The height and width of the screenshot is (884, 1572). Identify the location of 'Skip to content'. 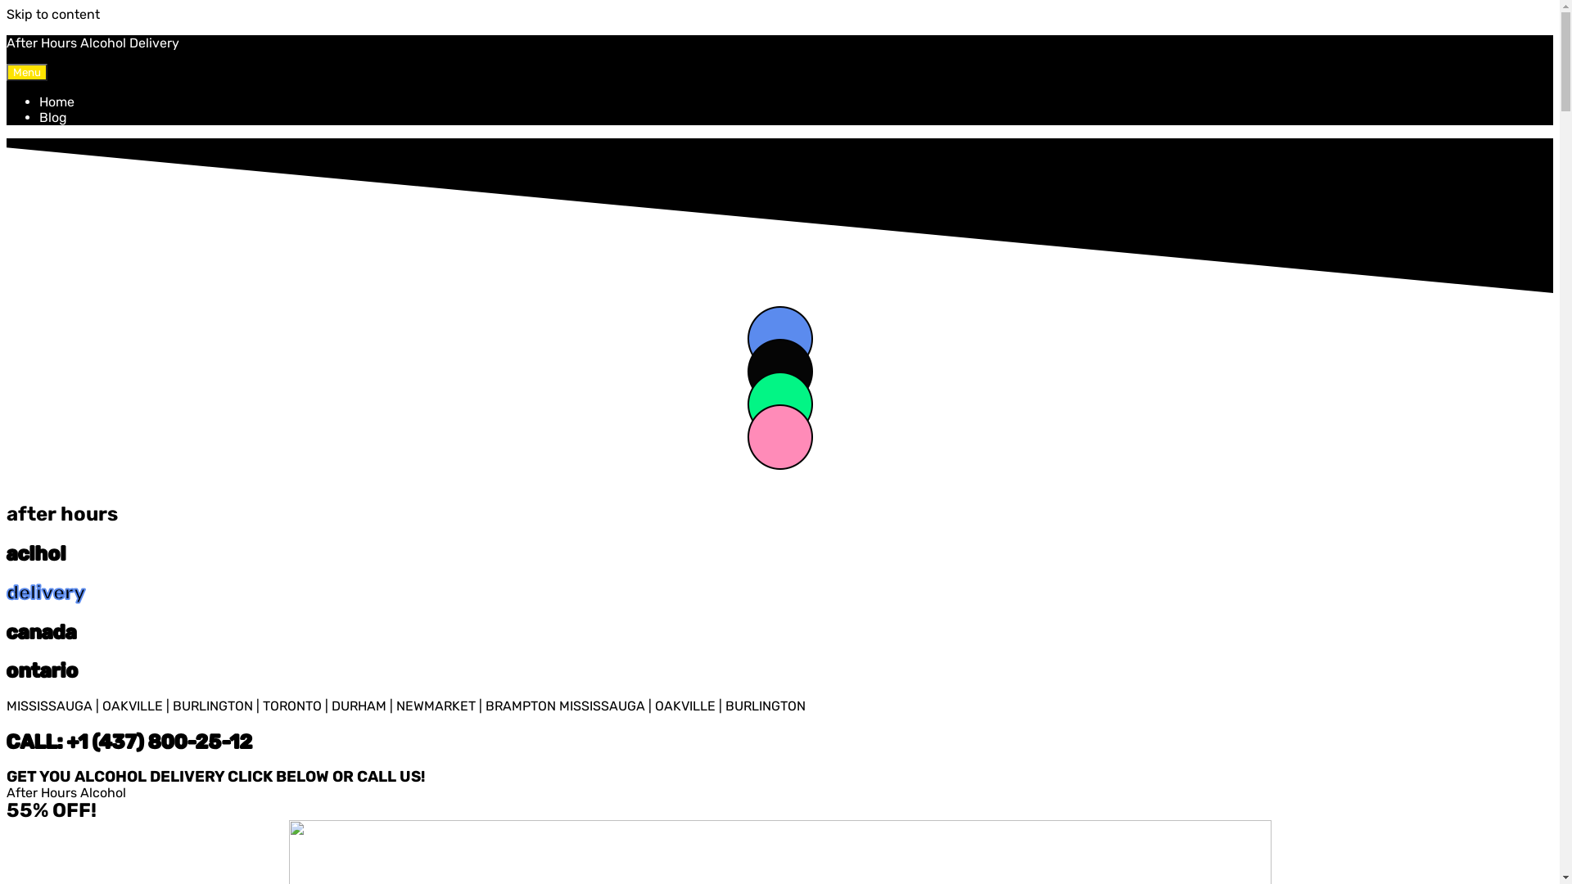
(53, 14).